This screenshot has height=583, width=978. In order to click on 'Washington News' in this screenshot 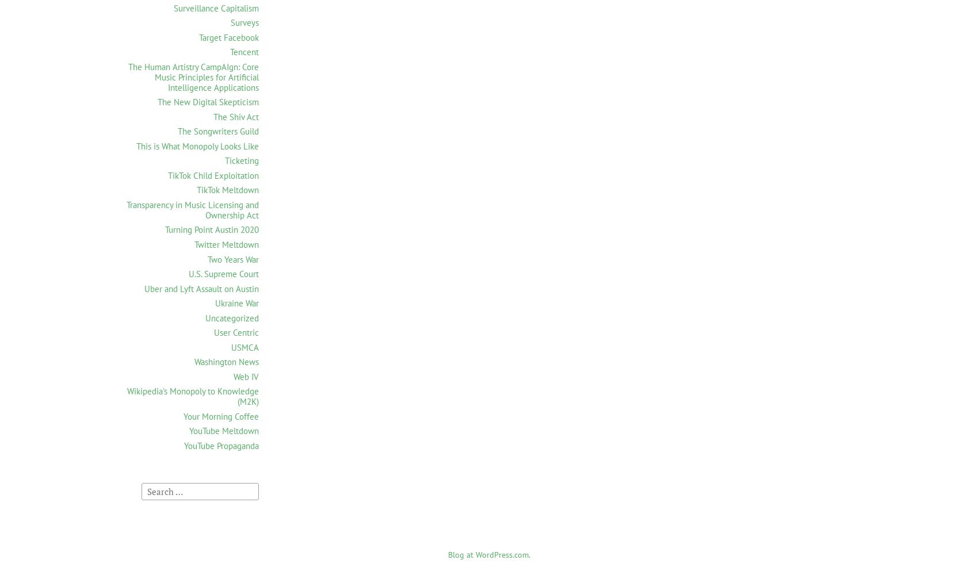, I will do `click(193, 362)`.